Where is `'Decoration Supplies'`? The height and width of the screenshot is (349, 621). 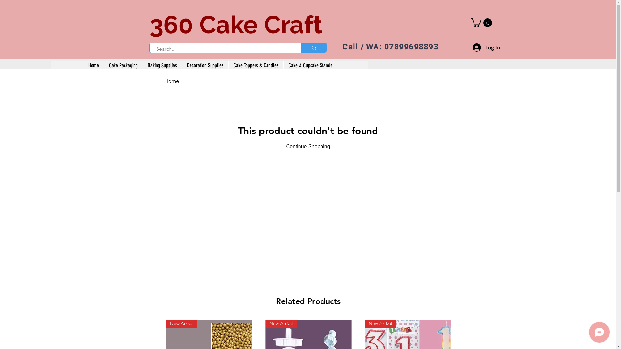 'Decoration Supplies' is located at coordinates (204, 65).